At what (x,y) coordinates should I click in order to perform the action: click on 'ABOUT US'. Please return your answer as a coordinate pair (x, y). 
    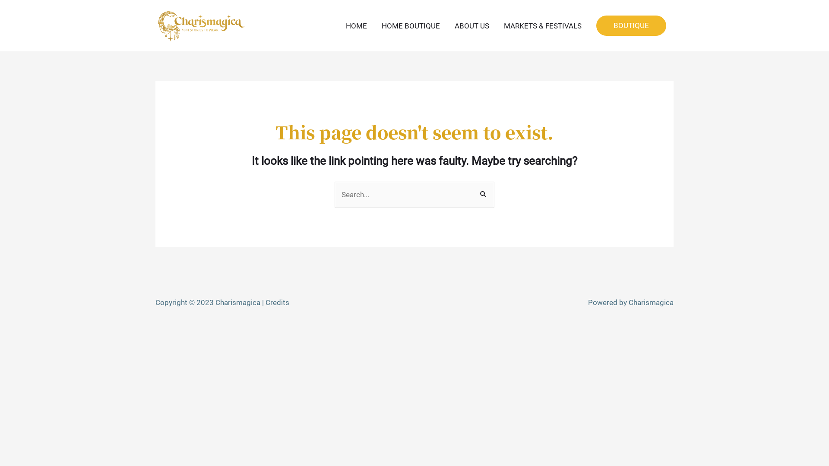
    Looking at the image, I should click on (471, 25).